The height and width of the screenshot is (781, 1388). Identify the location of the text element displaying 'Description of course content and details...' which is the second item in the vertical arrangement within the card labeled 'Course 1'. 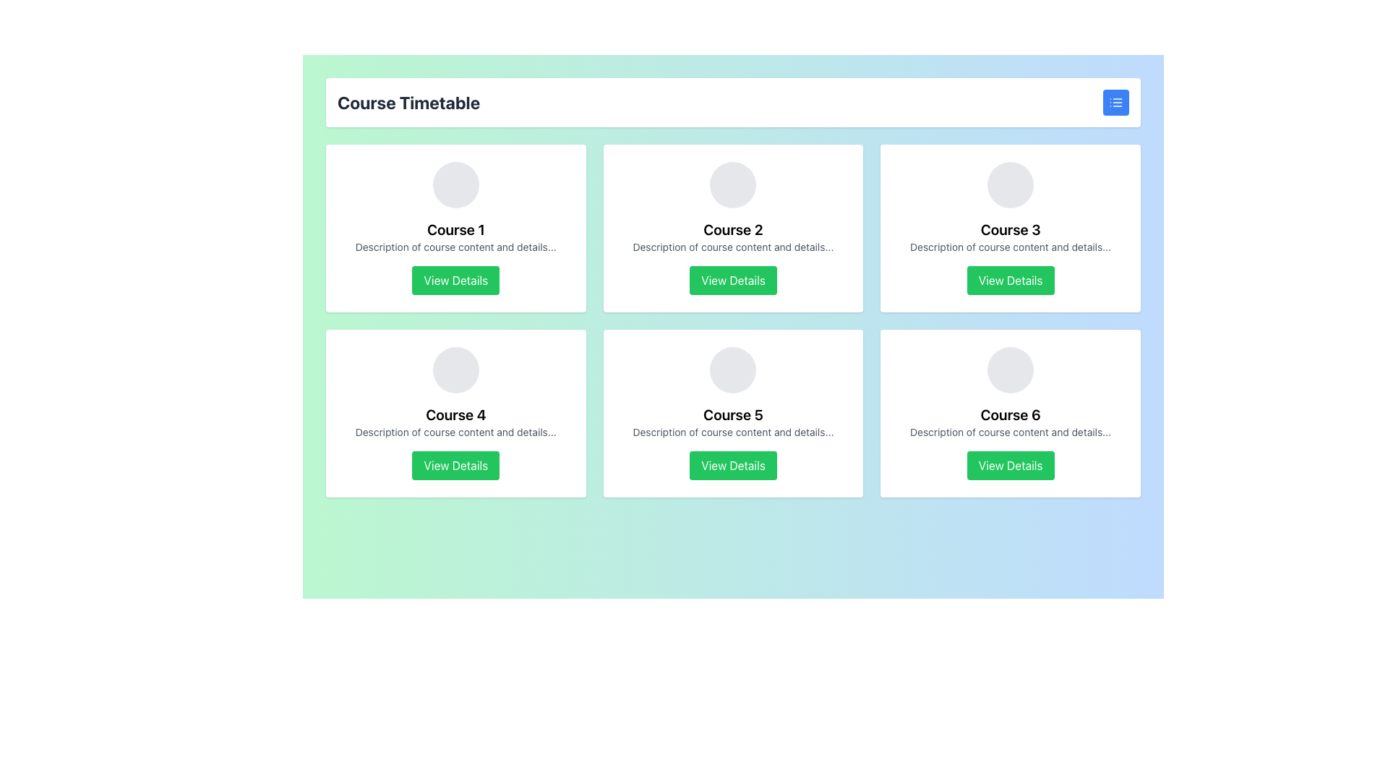
(455, 247).